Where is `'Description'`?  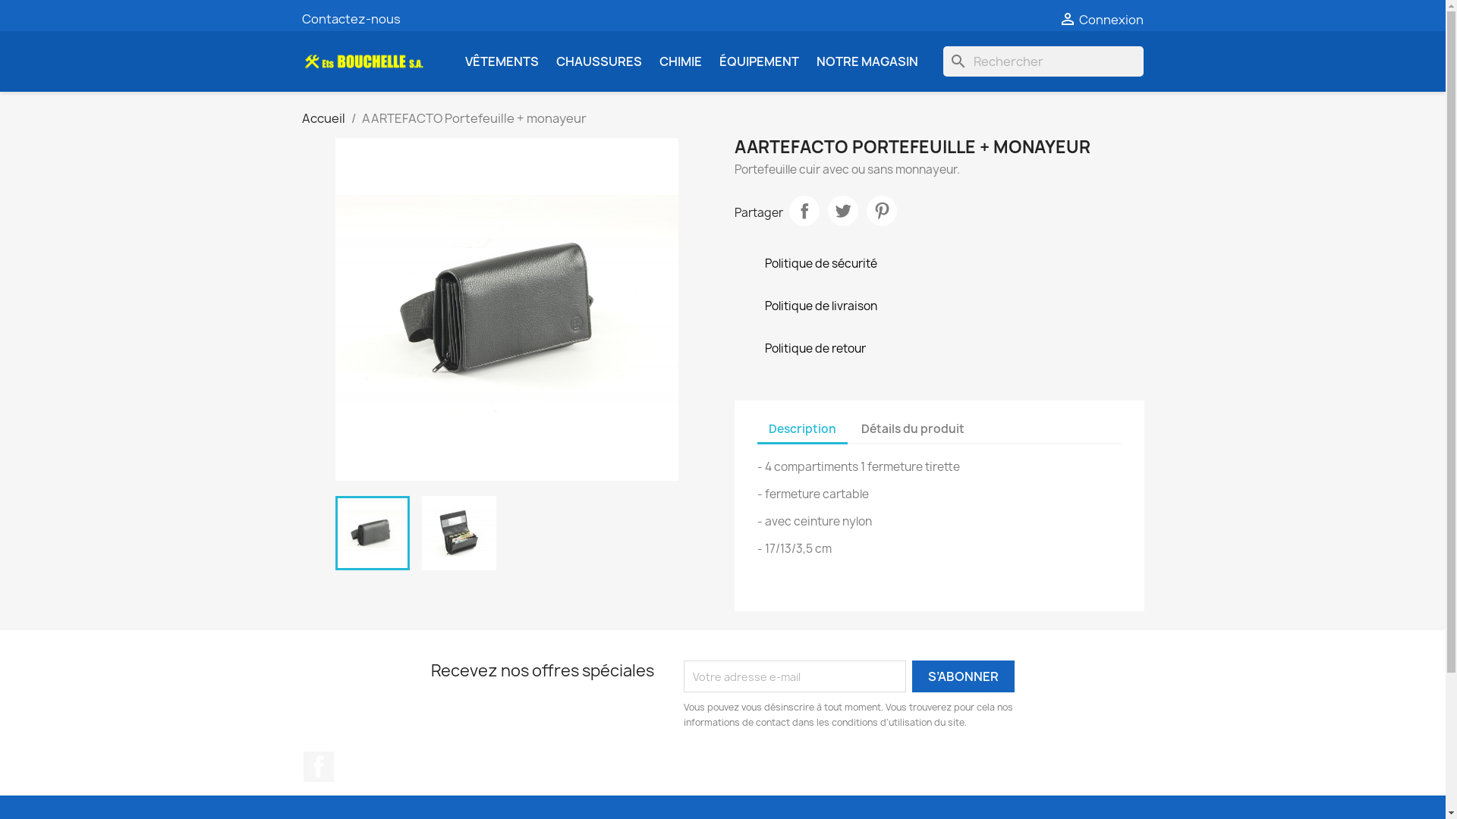
'Description' is located at coordinates (801, 430).